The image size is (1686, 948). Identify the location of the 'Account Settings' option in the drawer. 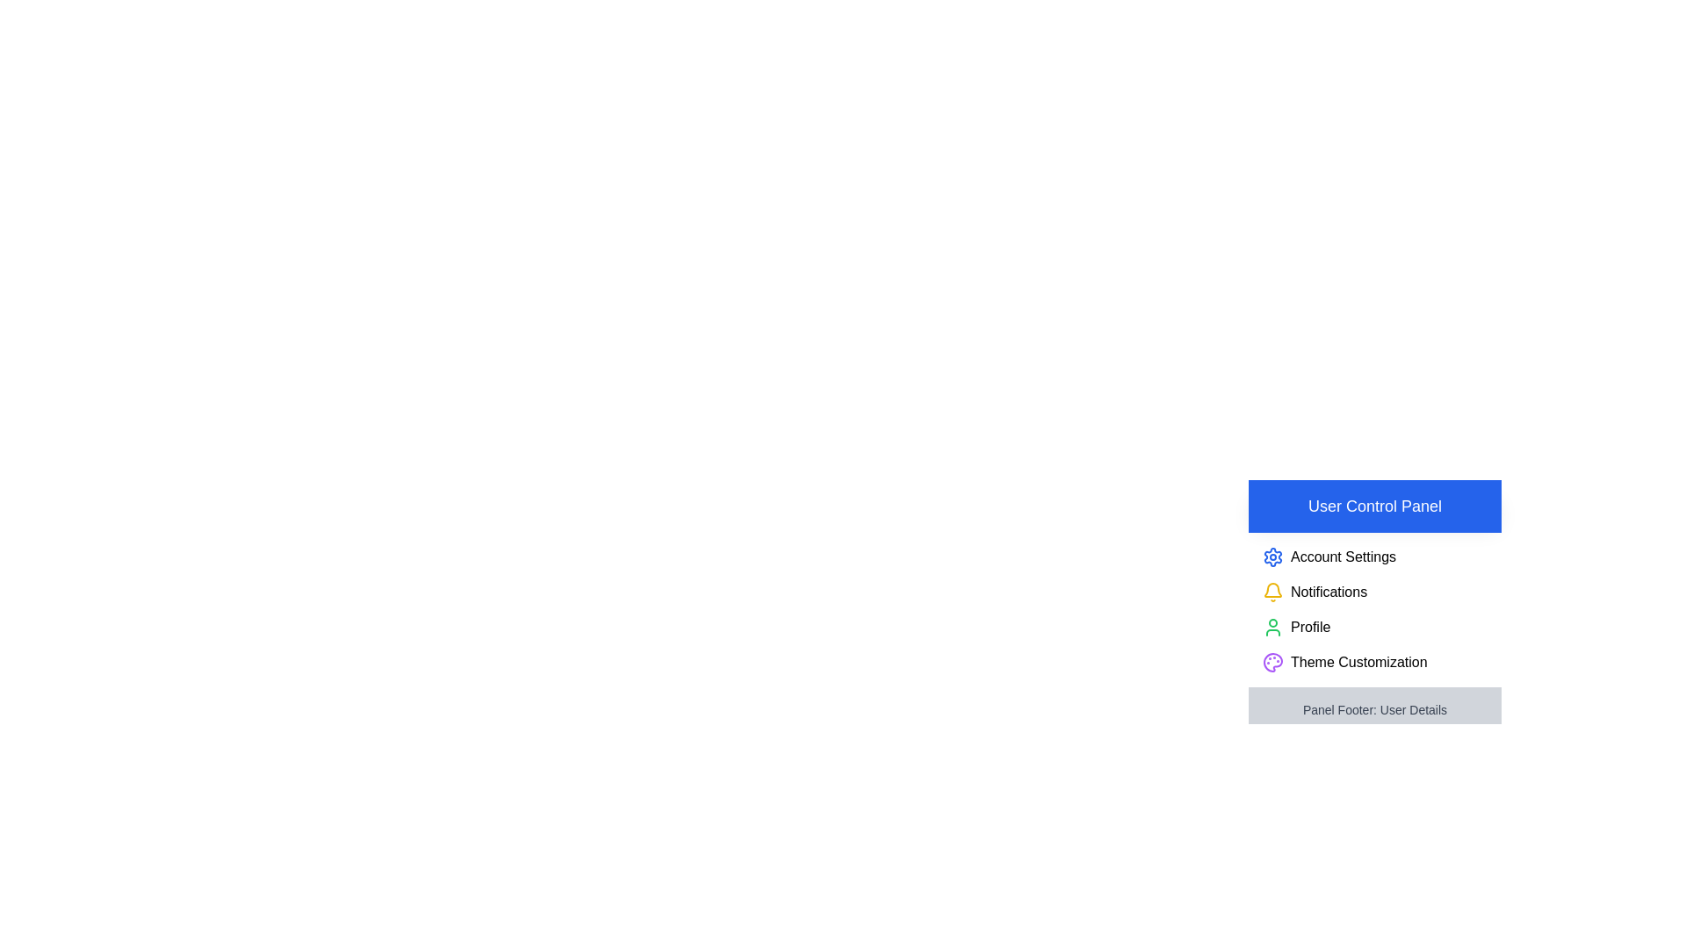
(1343, 557).